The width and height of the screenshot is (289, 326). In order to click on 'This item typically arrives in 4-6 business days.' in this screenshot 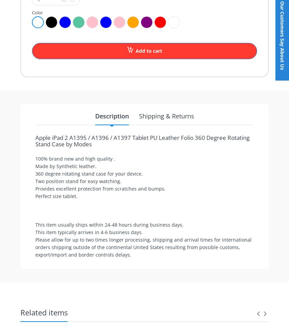, I will do `click(88, 232)`.